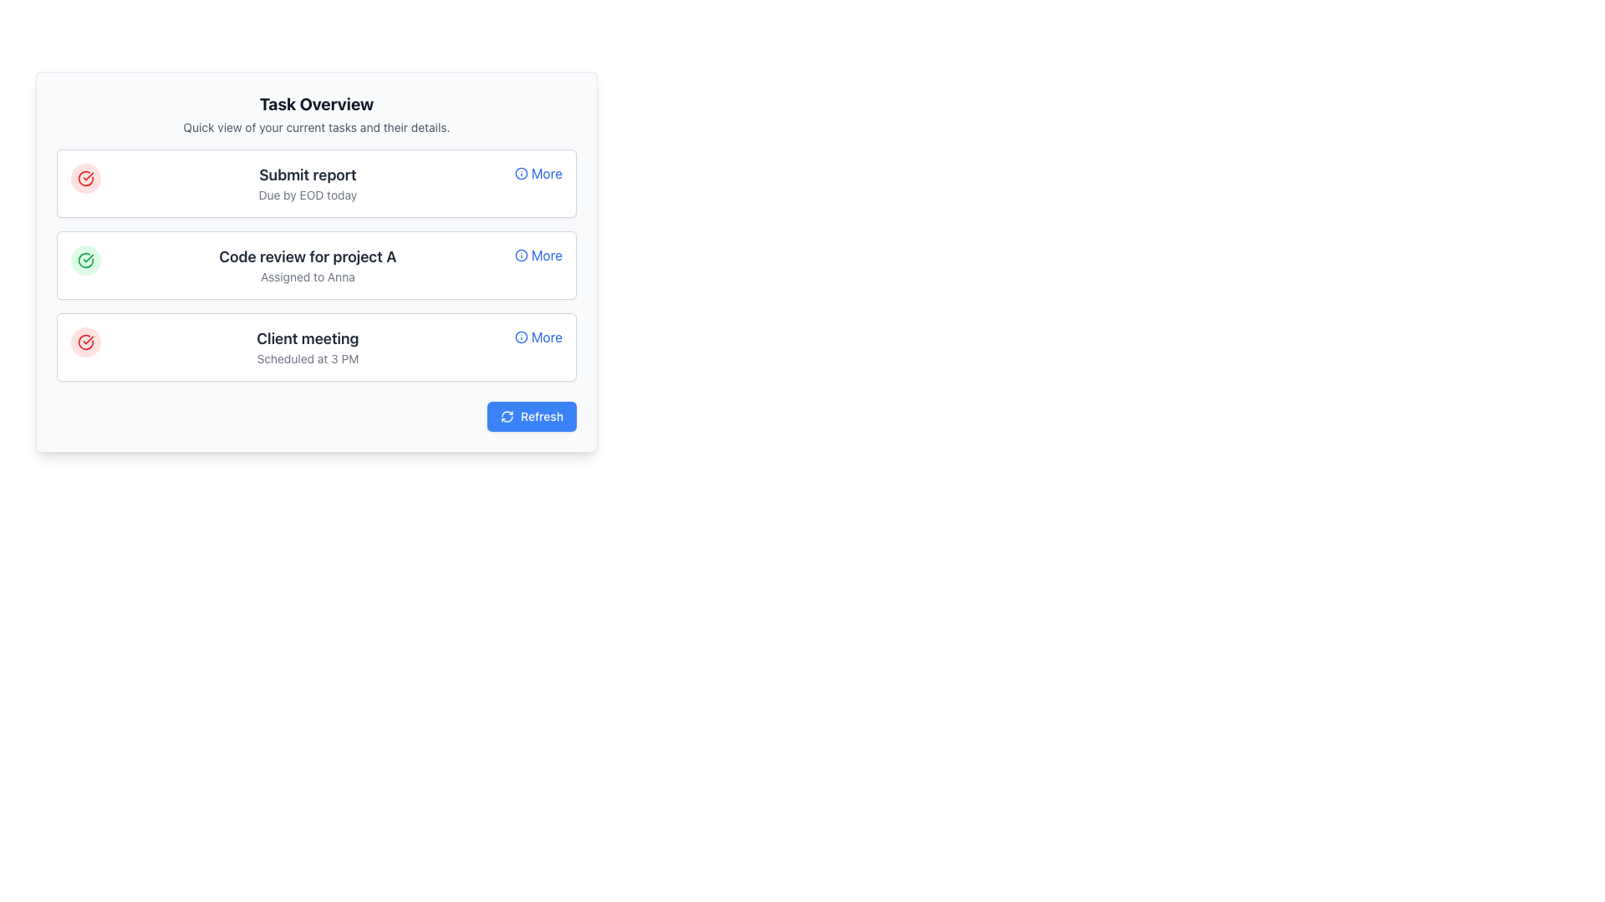  Describe the element at coordinates (507, 415) in the screenshot. I see `the circular arrow icon representing the refresh functionality, which is located to the left of the text 'Refresh' in the bottom-right corner of the interface` at that location.